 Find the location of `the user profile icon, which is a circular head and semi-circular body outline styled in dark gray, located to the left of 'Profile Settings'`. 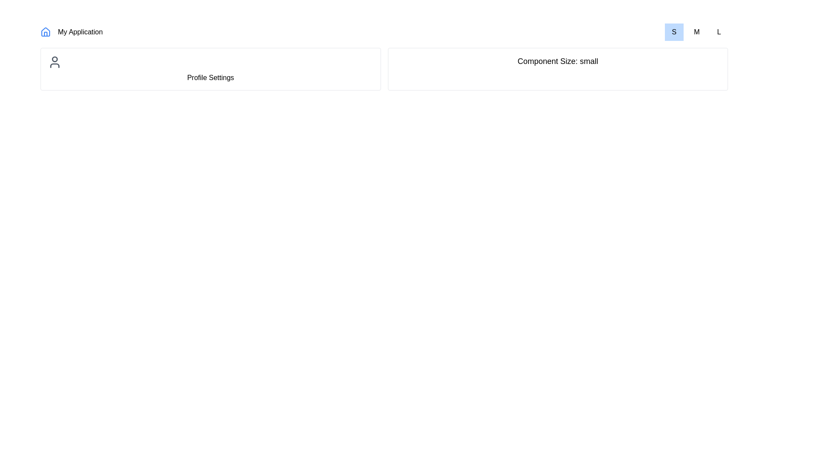

the user profile icon, which is a circular head and semi-circular body outline styled in dark gray, located to the left of 'Profile Settings' is located at coordinates (54, 61).